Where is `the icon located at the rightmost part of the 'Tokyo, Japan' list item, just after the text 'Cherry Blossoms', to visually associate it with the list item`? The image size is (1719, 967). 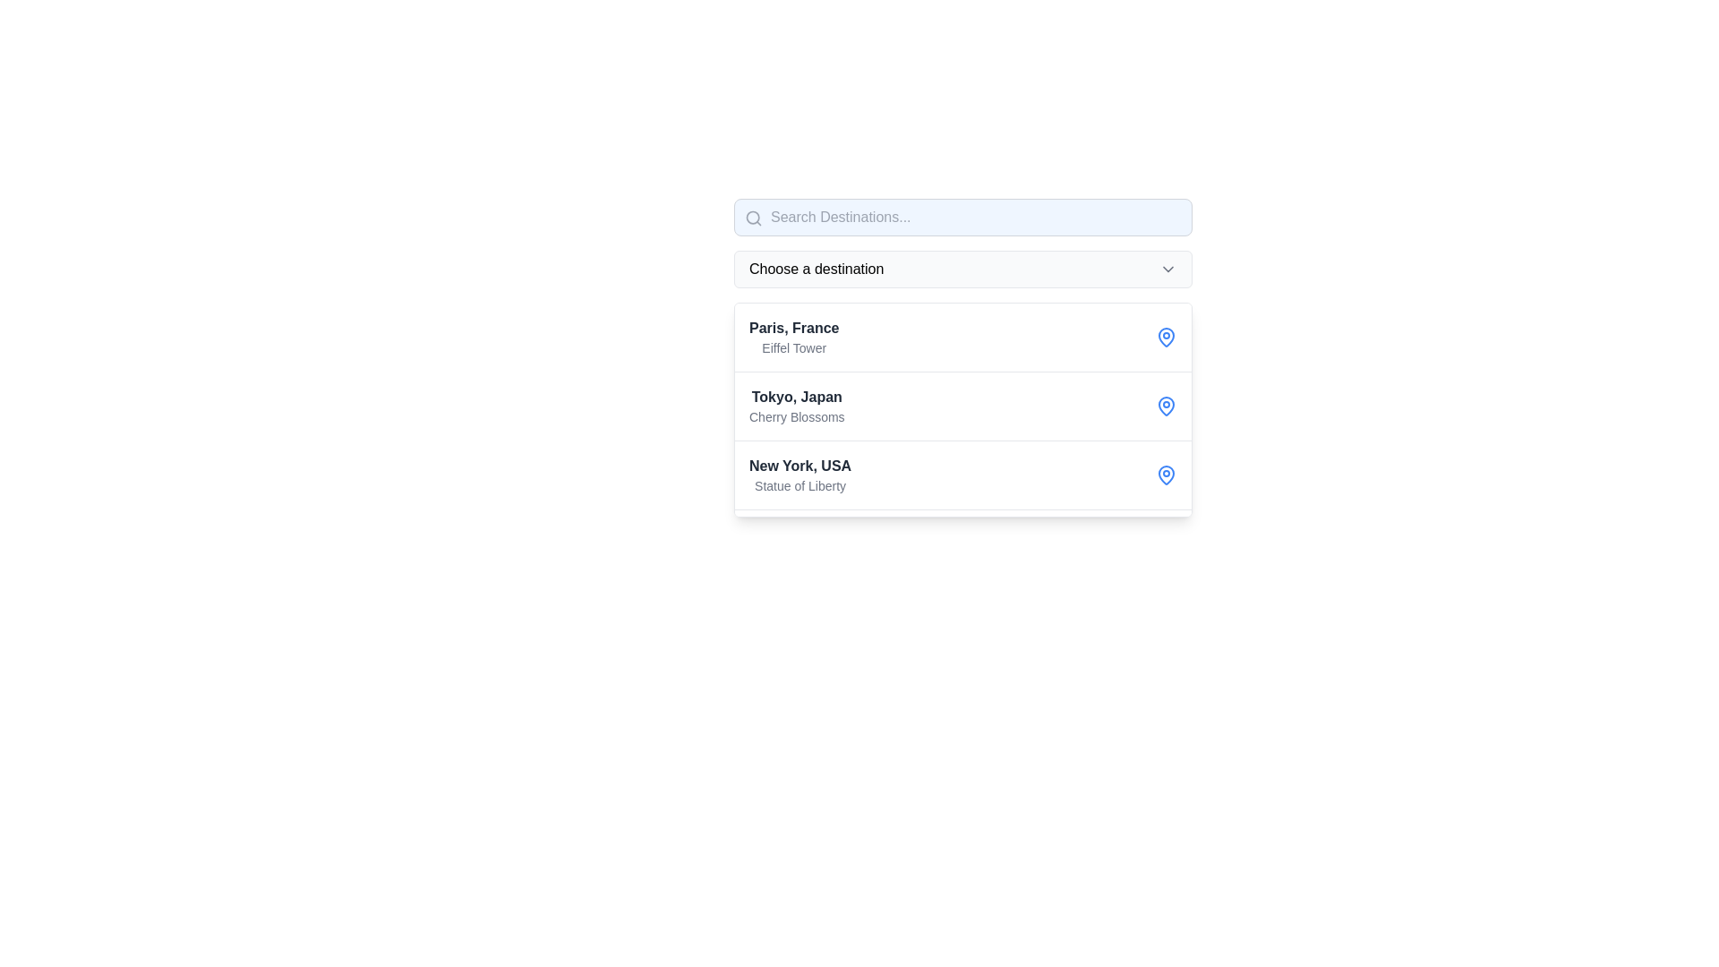 the icon located at the rightmost part of the 'Tokyo, Japan' list item, just after the text 'Cherry Blossoms', to visually associate it with the list item is located at coordinates (1166, 406).